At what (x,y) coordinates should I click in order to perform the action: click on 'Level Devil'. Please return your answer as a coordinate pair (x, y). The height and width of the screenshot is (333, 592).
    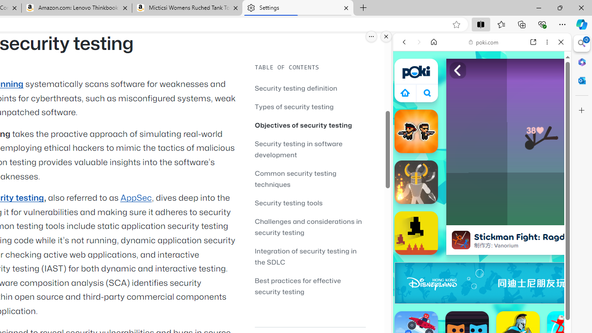
    Looking at the image, I should click on (415, 232).